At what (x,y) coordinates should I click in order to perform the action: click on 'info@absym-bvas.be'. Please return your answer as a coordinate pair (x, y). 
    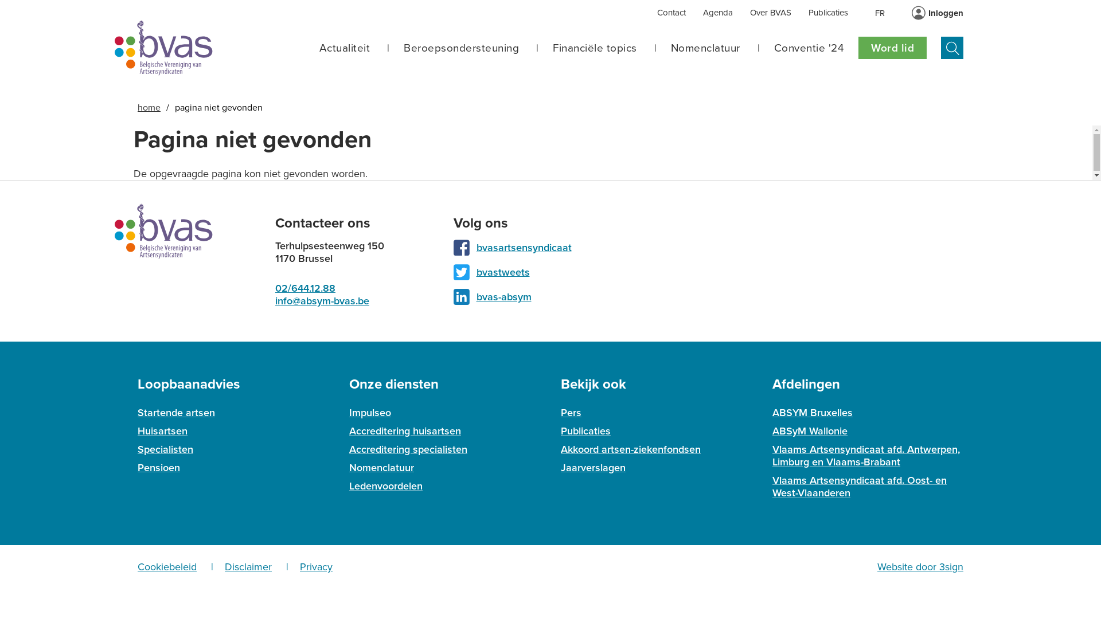
    Looking at the image, I should click on (321, 300).